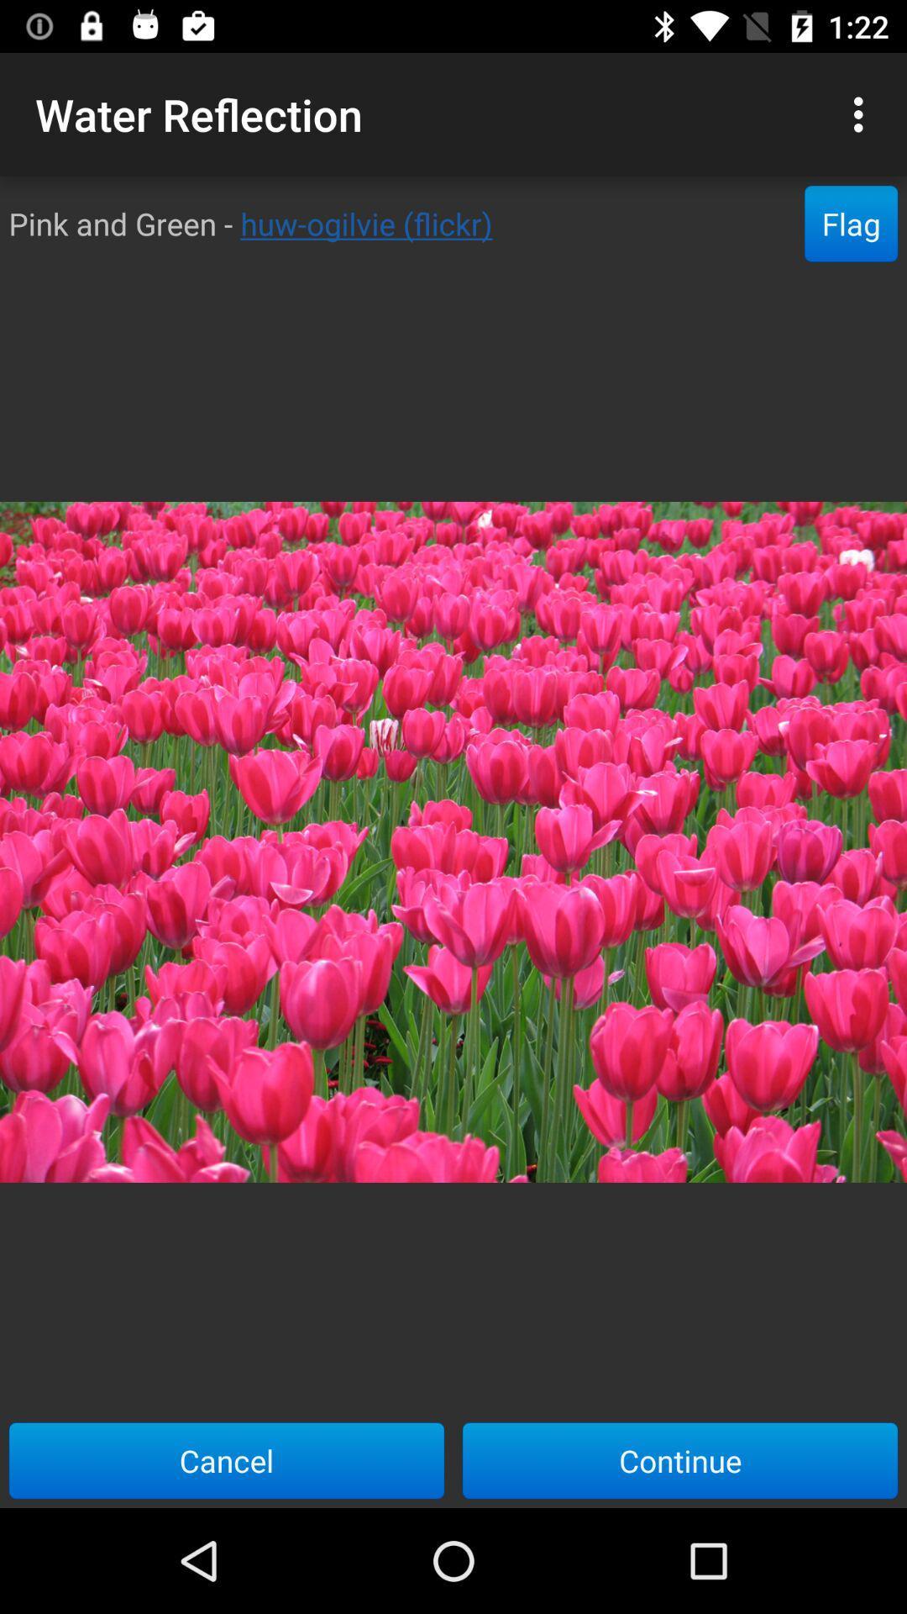 This screenshot has height=1614, width=907. I want to click on the icon to the right of water reflection item, so click(862, 113).